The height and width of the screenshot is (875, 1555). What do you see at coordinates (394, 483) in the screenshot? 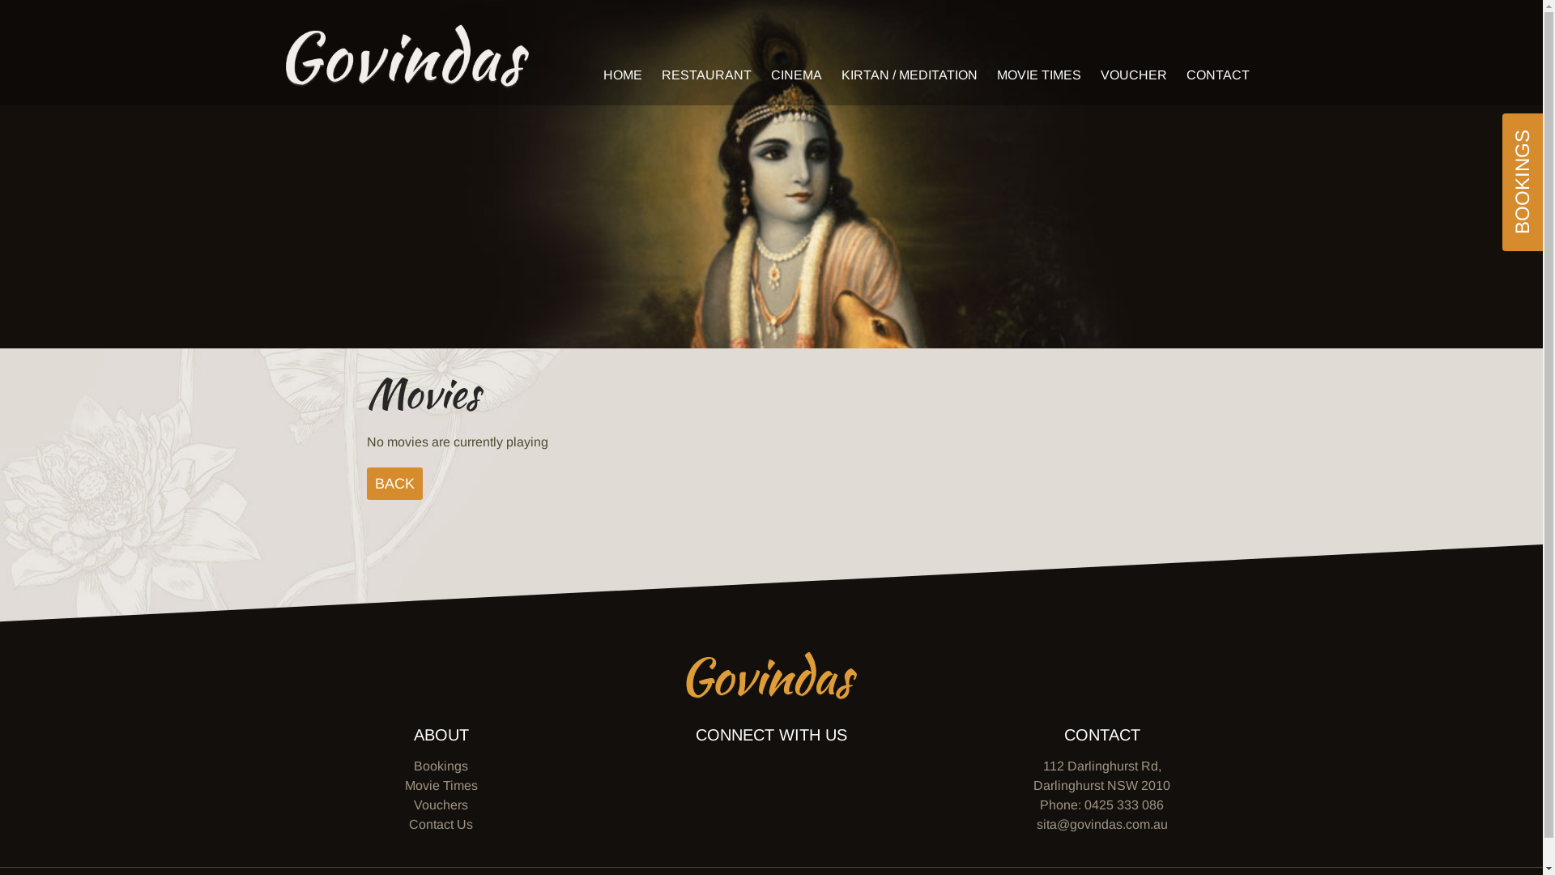
I see `'Back'` at bounding box center [394, 483].